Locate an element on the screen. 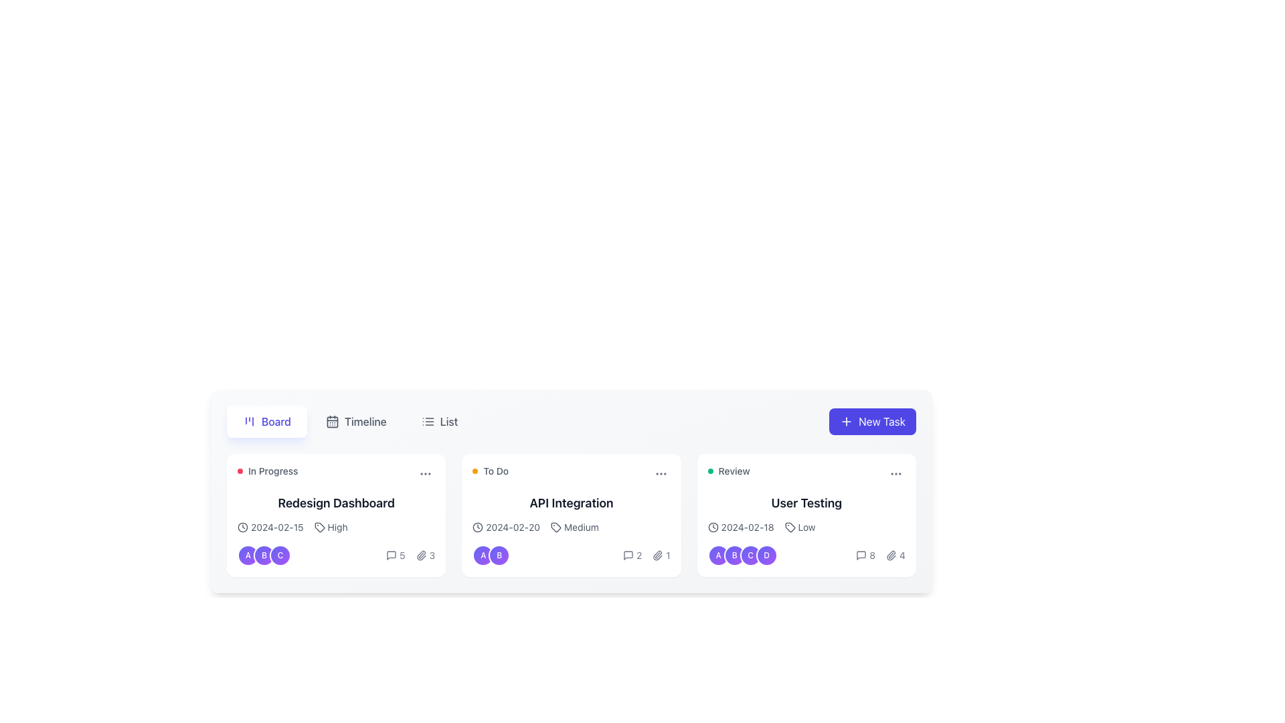  the button located at the top center-right of the interface, which allows users to create a new task is located at coordinates (873, 420).